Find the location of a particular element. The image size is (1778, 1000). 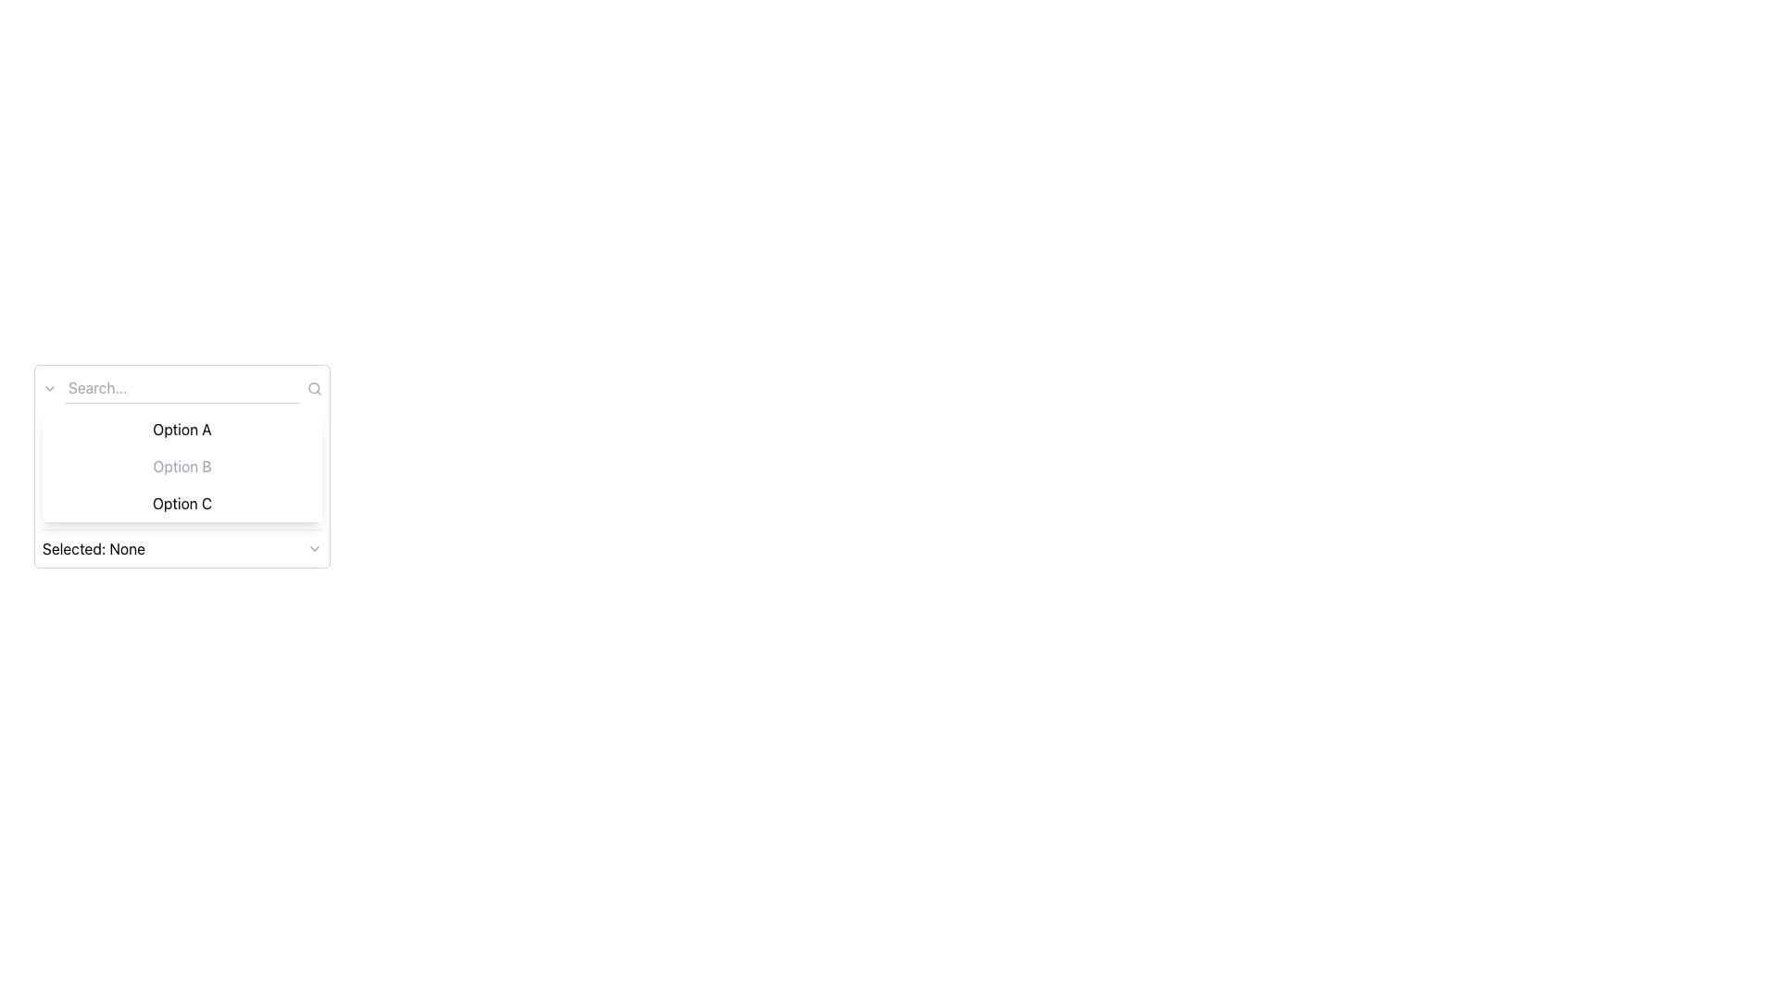

the disabled list item labeled 'Option B' which has a light gray background and inactive text appearance, positioned between 'Option A' and 'Option C' is located at coordinates (182, 466).